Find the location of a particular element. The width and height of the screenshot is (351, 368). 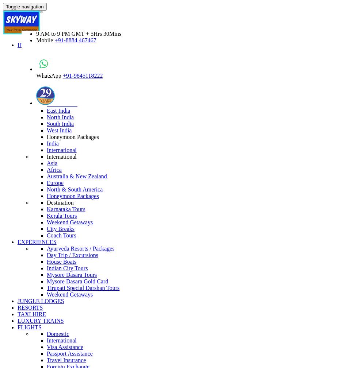

'Travel Insurance' is located at coordinates (66, 360).